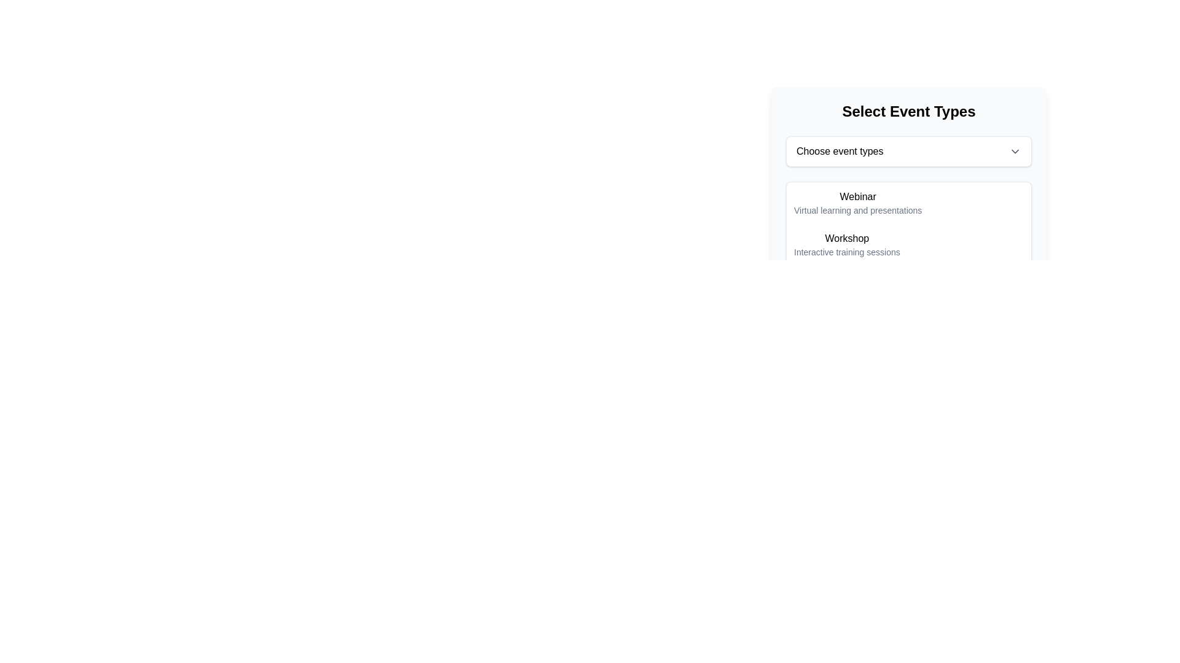 This screenshot has height=663, width=1180. What do you see at coordinates (857, 203) in the screenshot?
I see `on the list item labeled 'Webinar' which describes 'Virtual learning and presentations'` at bounding box center [857, 203].